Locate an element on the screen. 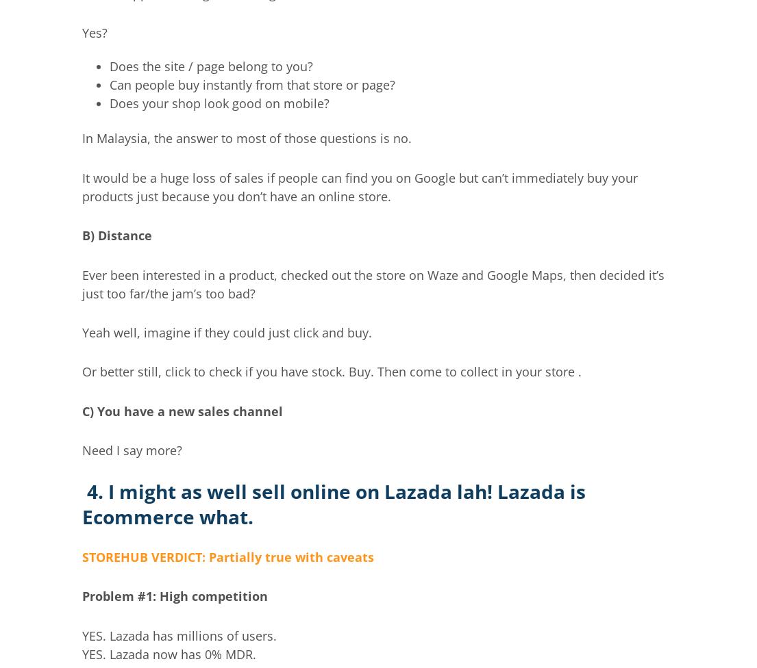 This screenshot has width=757, height=668. 'Ever been interested in a product, checked out the store on Waze and Google Maps, then decided it’s just too far/the jam’s too bad?' is located at coordinates (372, 283).